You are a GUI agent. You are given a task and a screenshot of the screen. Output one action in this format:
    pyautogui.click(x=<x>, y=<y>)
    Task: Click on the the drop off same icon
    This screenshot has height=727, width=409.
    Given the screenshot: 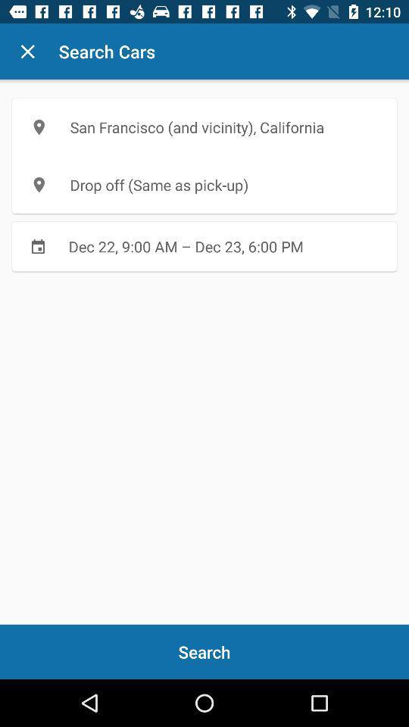 What is the action you would take?
    pyautogui.click(x=204, y=184)
    